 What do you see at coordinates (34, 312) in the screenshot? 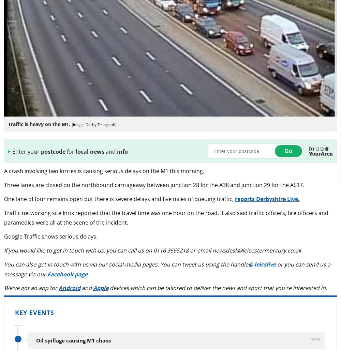
I see `'Key Events'` at bounding box center [34, 312].